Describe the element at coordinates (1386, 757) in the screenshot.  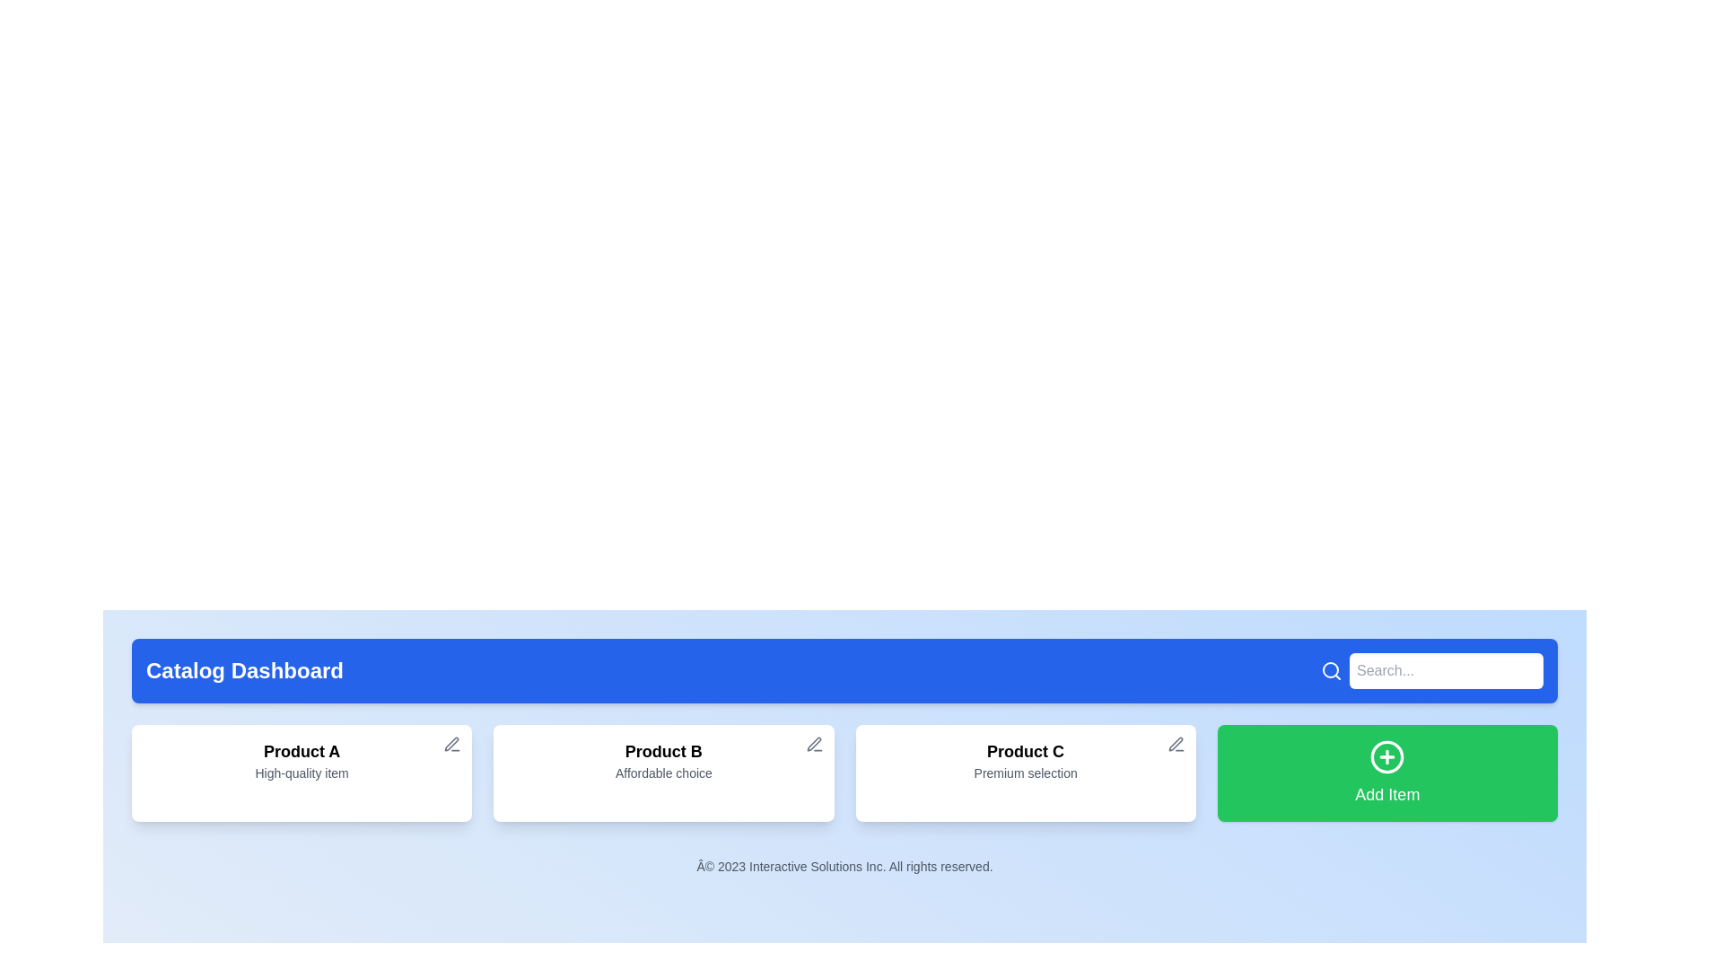
I see `the circular icon with a plus sign in the center, which is located on the green 'Add Item' button at the bottom-right corner of the interface` at that location.